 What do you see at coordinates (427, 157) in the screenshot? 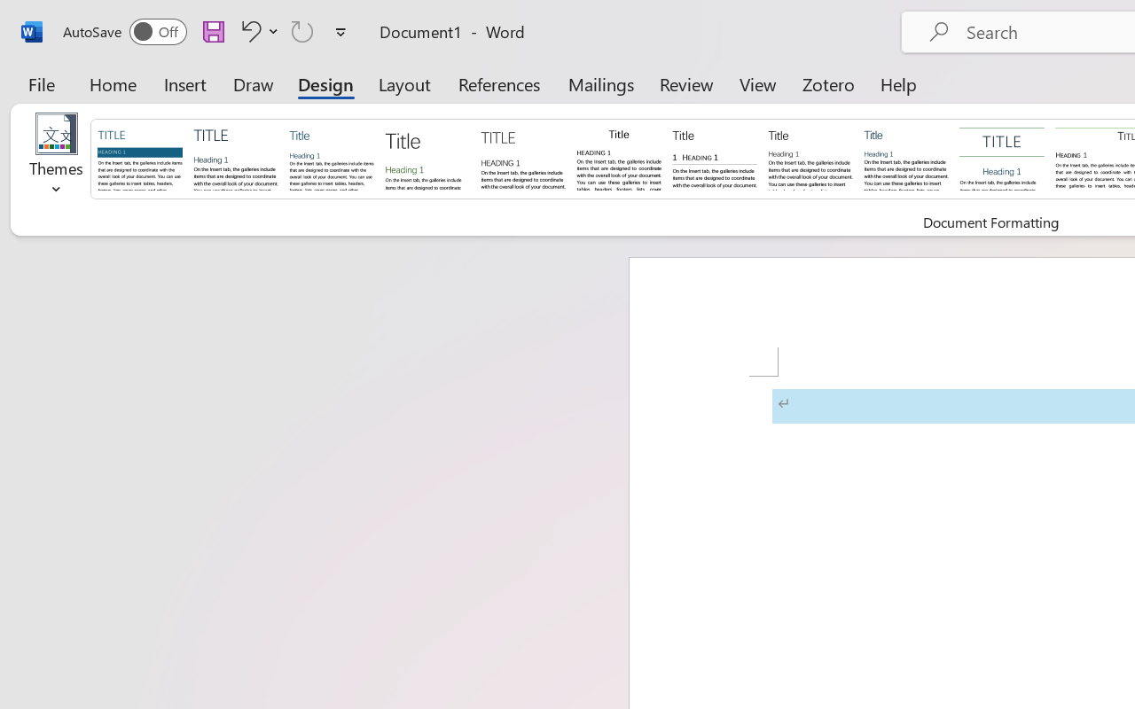
I see `'Basic (Stylish)'` at bounding box center [427, 157].